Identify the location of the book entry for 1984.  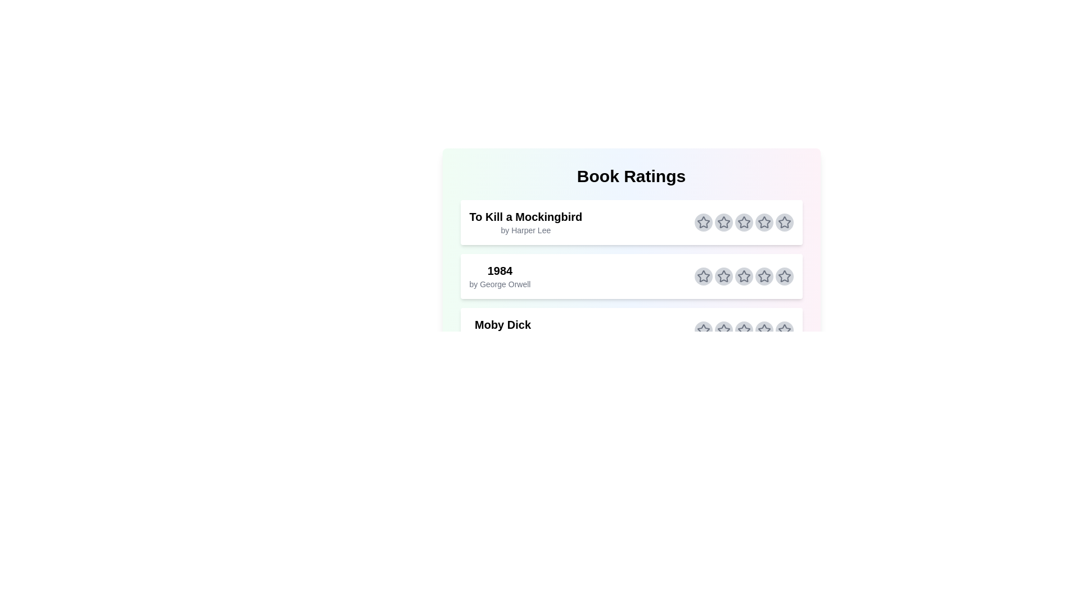
(631, 277).